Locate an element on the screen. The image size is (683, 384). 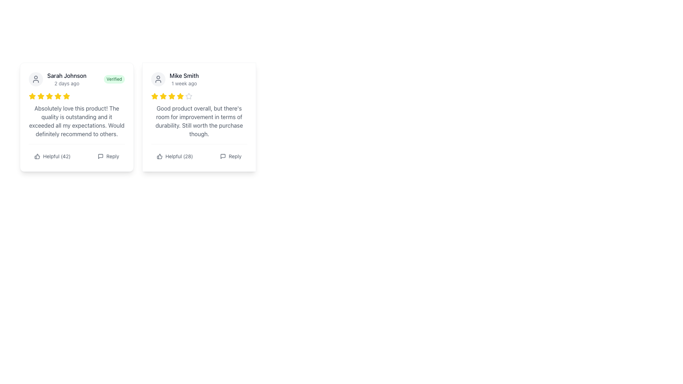
the User data display section that shows the user's name and timestamp of their comment, located at the top left of the left card, above the verified badge is located at coordinates (58, 79).